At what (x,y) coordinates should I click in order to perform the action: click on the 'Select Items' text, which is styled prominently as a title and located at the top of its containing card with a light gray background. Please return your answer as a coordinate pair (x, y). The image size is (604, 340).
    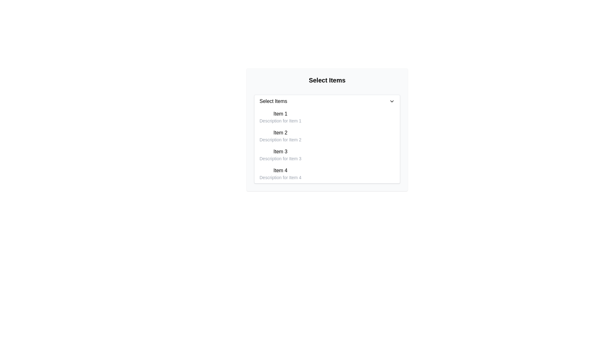
    Looking at the image, I should click on (327, 80).